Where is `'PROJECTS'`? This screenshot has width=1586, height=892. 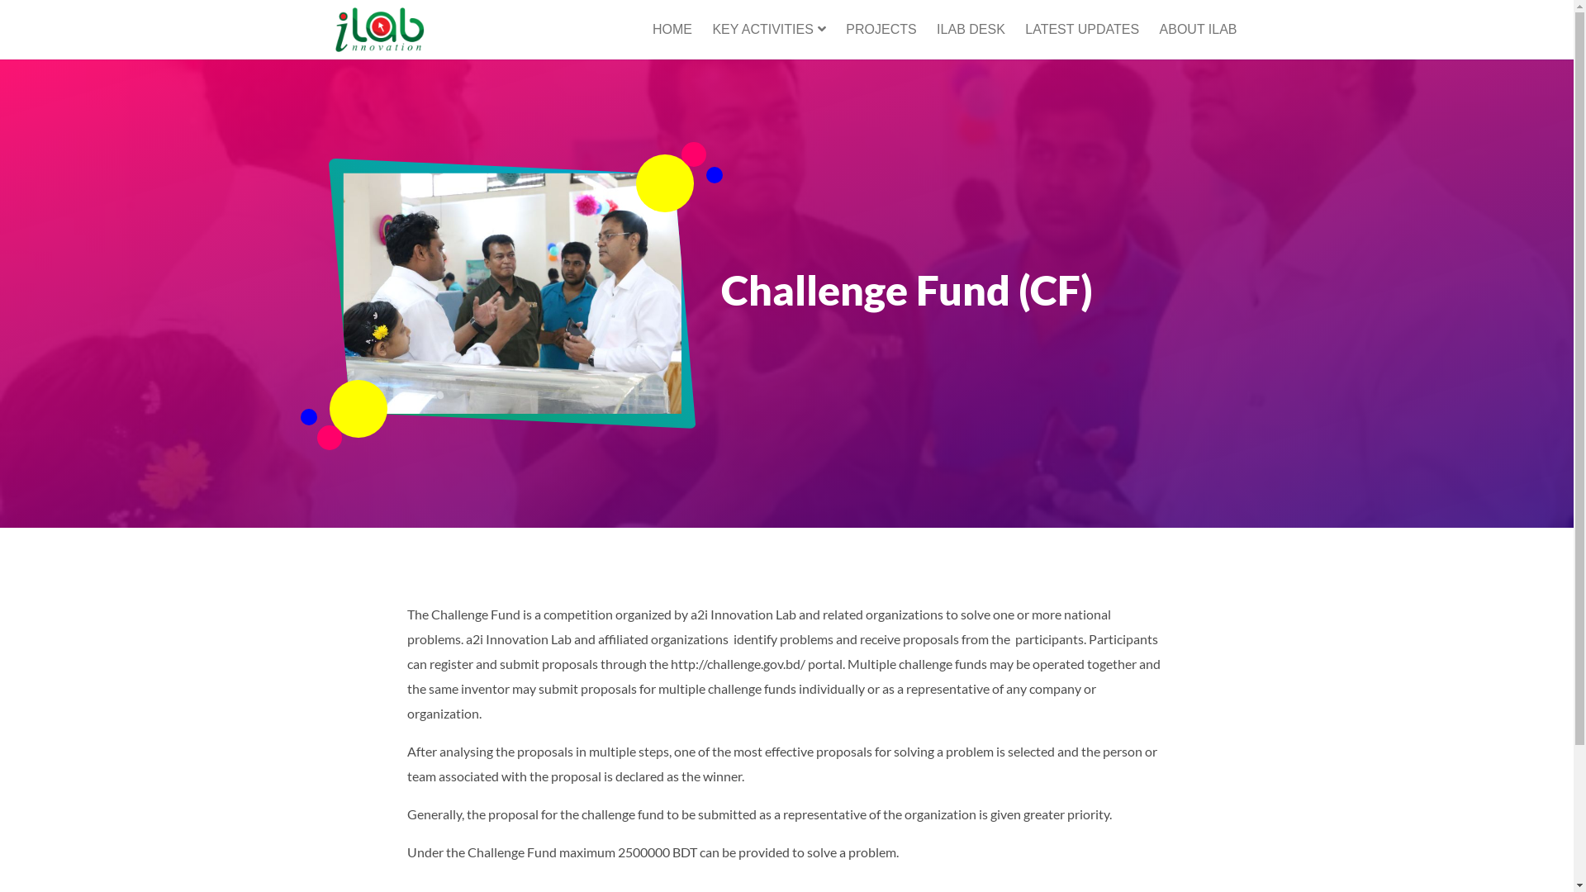
'PROJECTS' is located at coordinates (880, 29).